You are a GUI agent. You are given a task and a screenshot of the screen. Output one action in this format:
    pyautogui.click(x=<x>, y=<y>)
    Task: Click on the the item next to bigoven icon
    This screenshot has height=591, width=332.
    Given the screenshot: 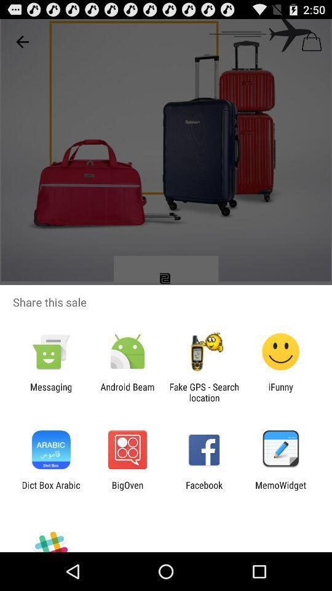 What is the action you would take?
    pyautogui.click(x=204, y=490)
    